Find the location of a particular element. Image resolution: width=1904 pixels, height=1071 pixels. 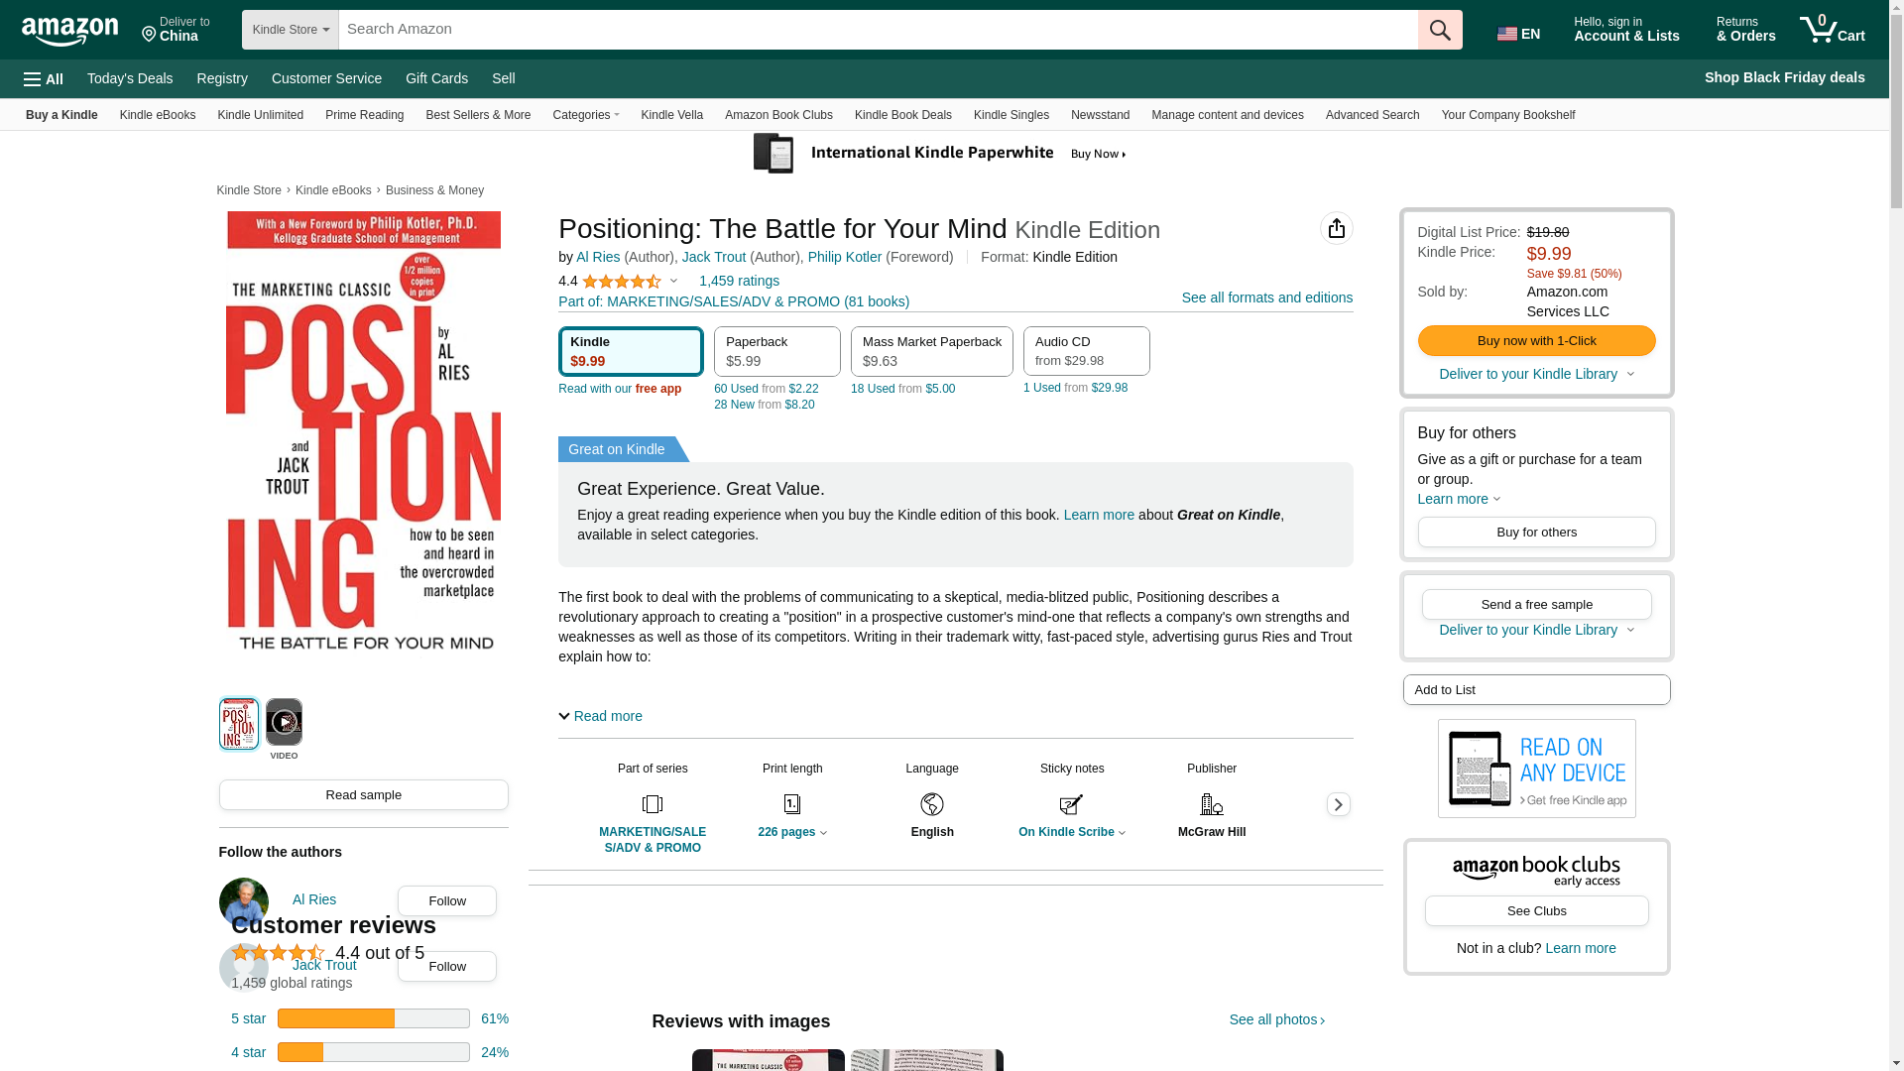

'Read more' is located at coordinates (599, 715).